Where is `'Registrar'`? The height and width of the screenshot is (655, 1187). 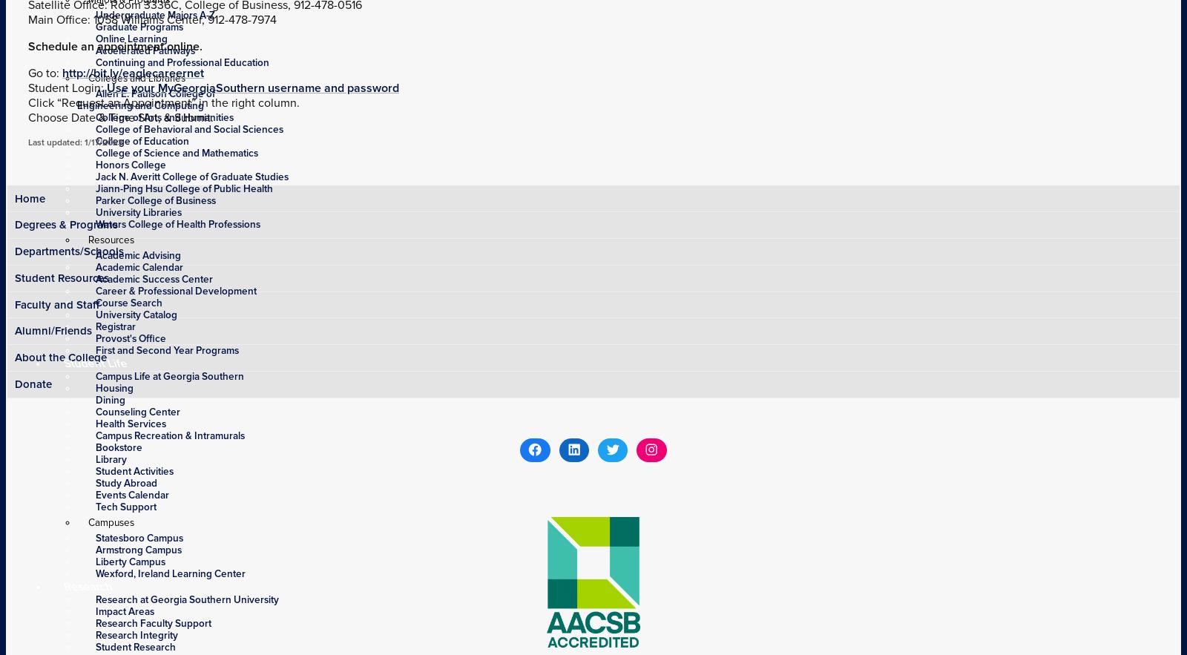
'Registrar' is located at coordinates (115, 326).